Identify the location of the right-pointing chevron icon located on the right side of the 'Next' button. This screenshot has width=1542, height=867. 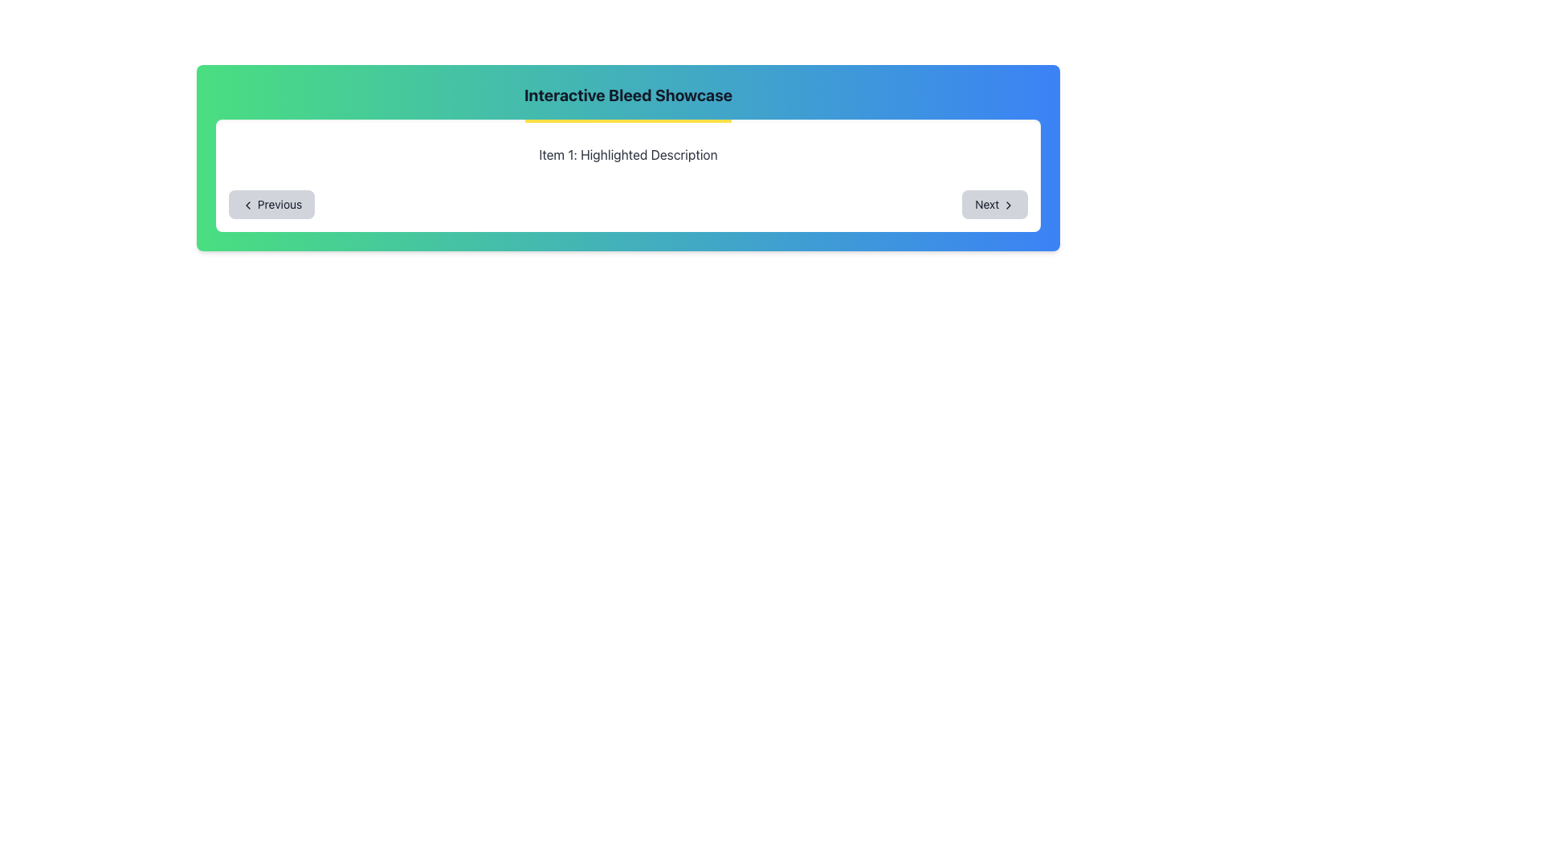
(1008, 204).